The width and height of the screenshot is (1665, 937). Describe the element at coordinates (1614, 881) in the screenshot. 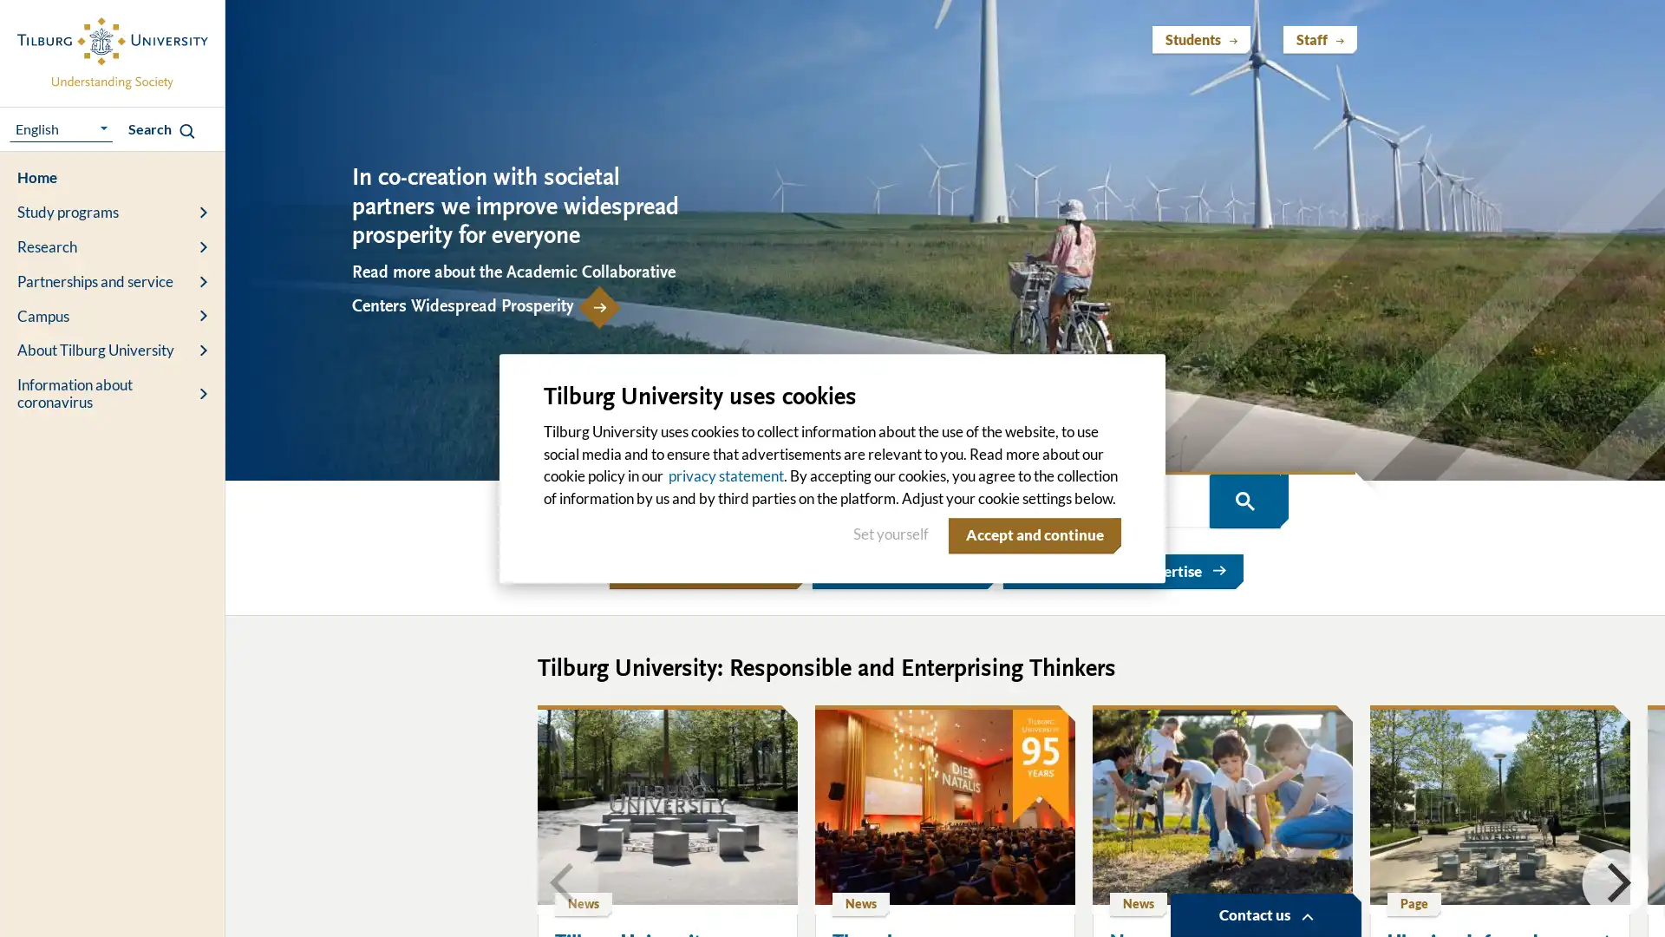

I see `next` at that location.